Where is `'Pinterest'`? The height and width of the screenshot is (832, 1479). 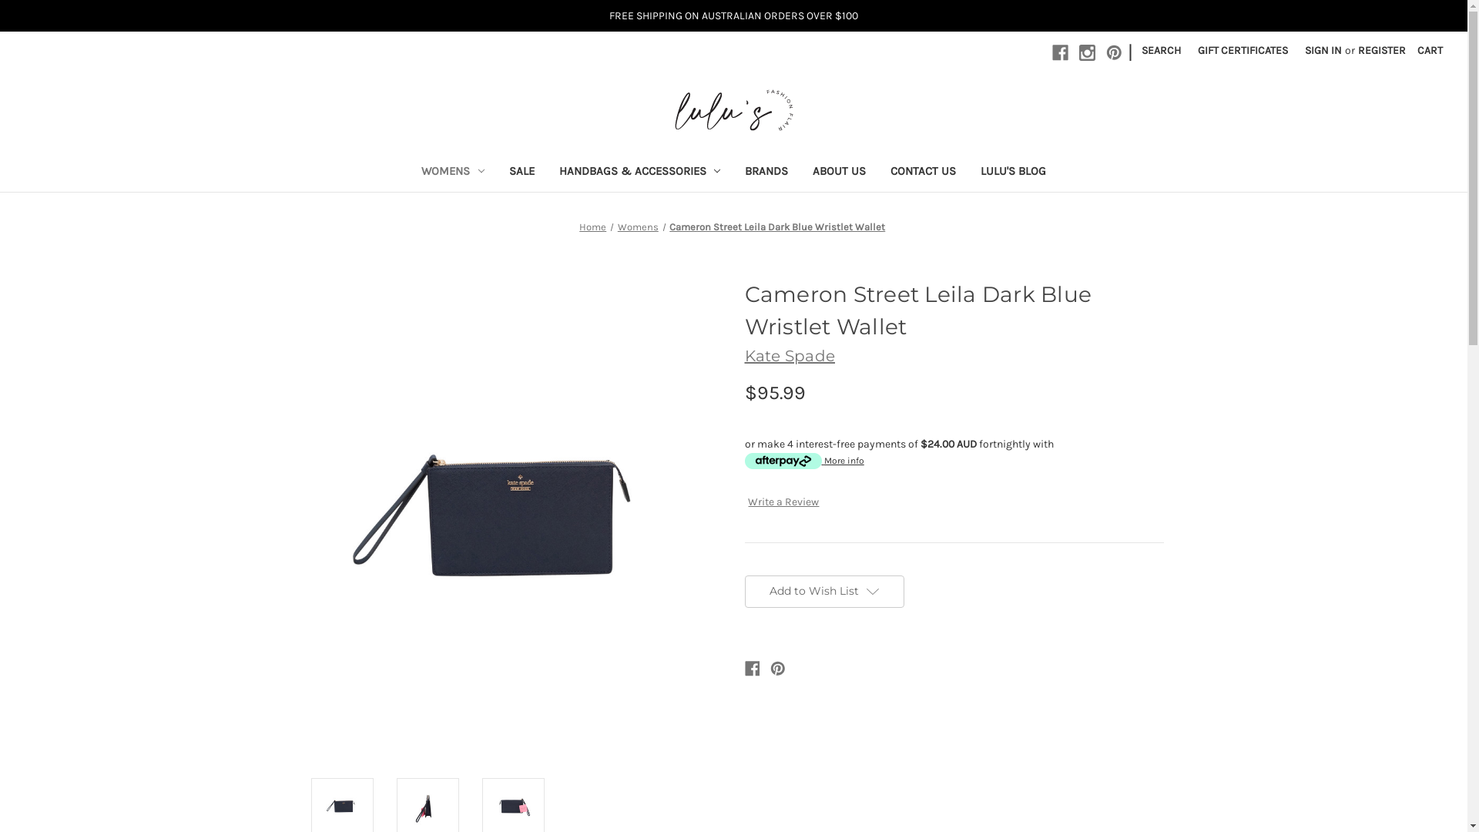
'Pinterest' is located at coordinates (777, 667).